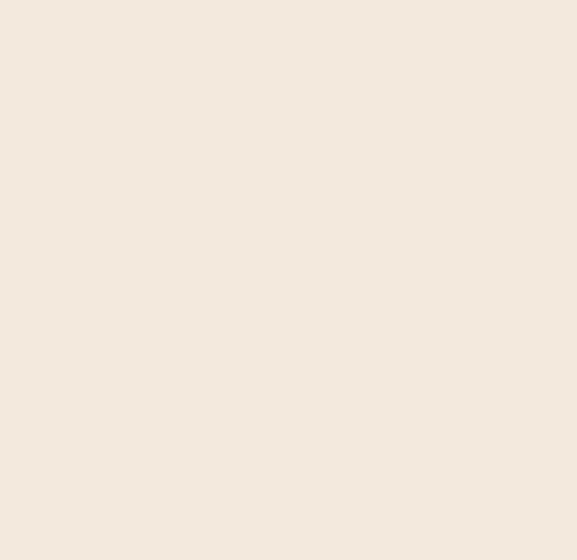  What do you see at coordinates (71, 322) in the screenshot?
I see `'Download  Chinese Simplified'` at bounding box center [71, 322].